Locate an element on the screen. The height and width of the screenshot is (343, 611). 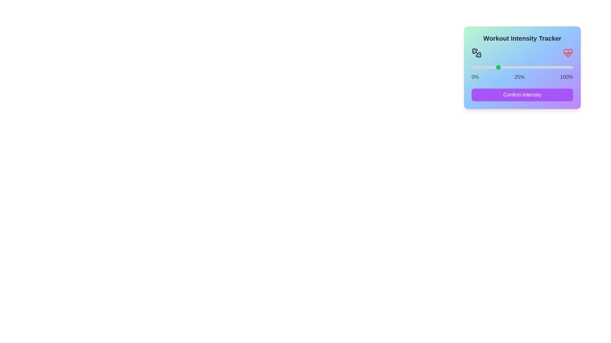
the intensity slider to 18% is located at coordinates (489, 67).